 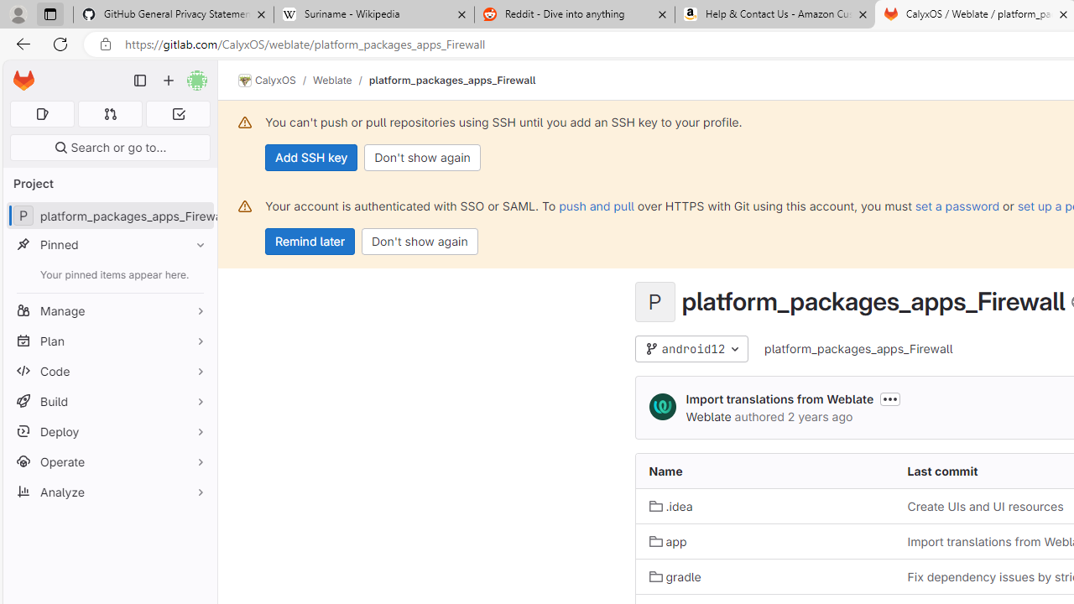 I want to click on 'push and pull', so click(x=597, y=205).